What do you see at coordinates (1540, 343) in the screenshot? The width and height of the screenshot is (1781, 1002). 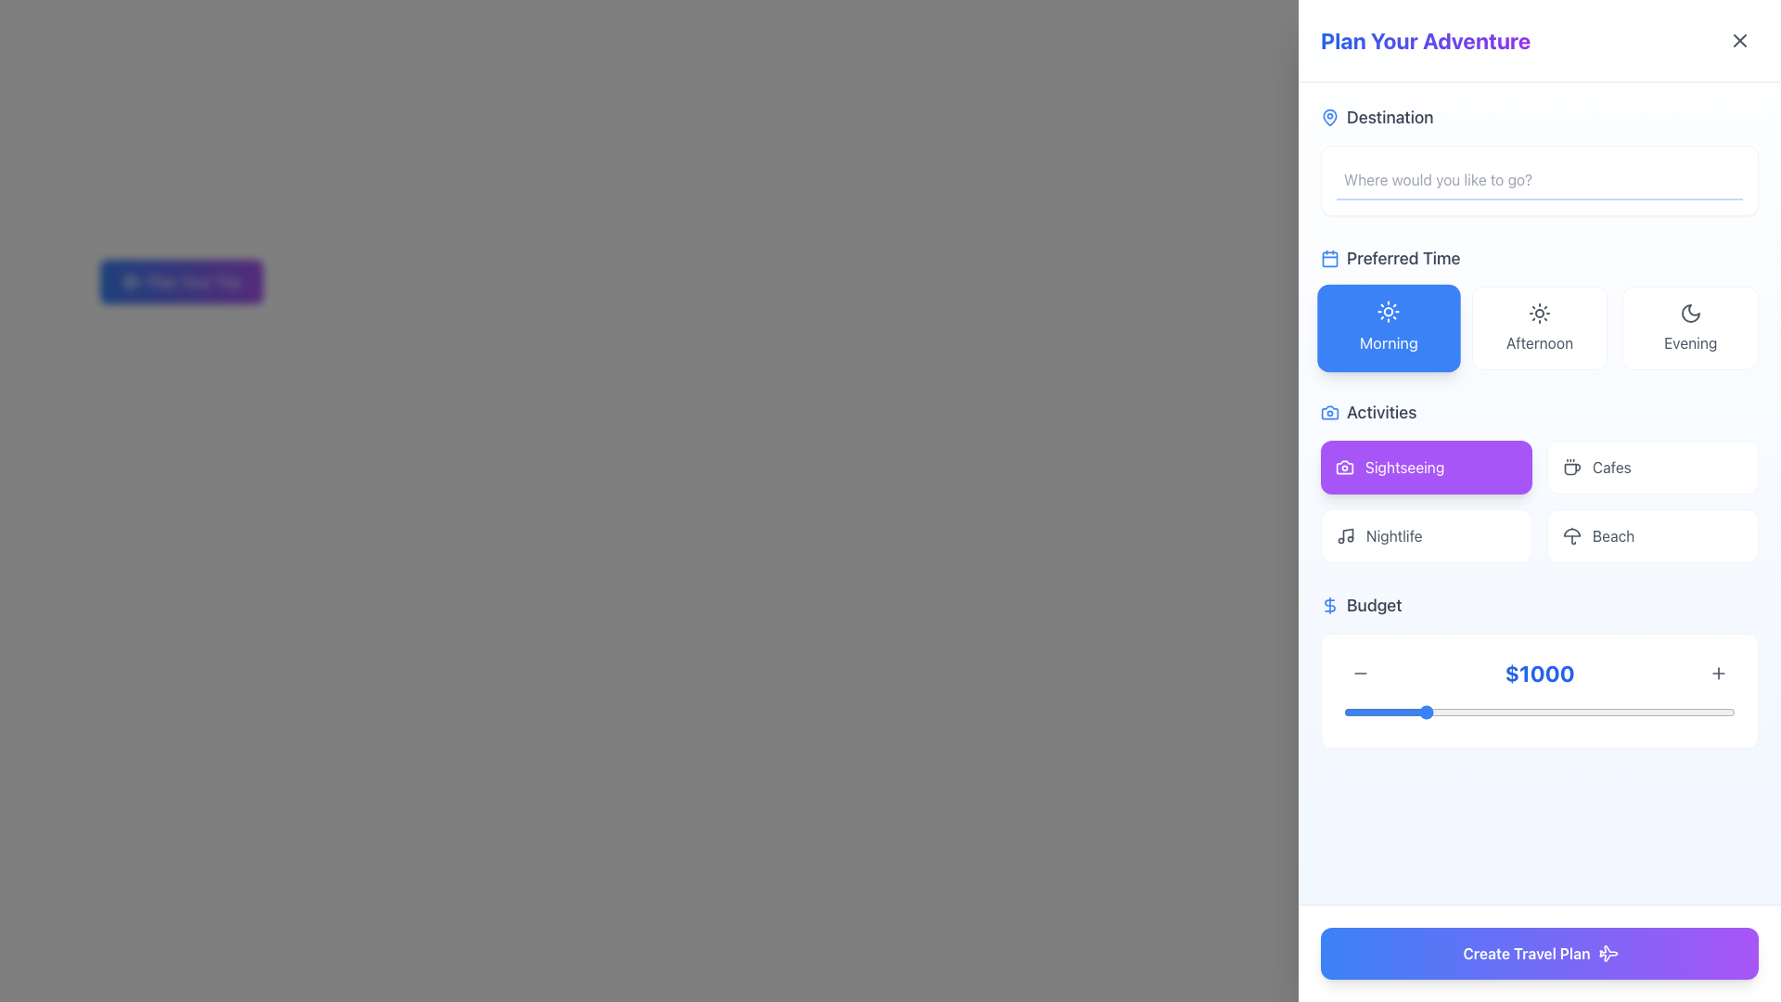 I see `the text label displaying 'Afternoon' located in the 'Preferred Time' section` at bounding box center [1540, 343].